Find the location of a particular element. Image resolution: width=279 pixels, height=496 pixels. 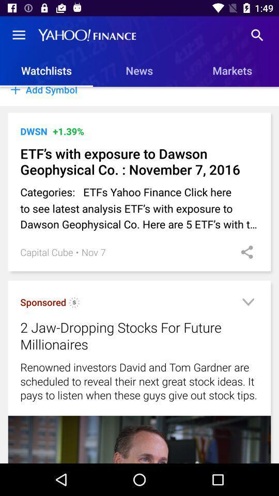

item above etf s with icon is located at coordinates (34, 131).